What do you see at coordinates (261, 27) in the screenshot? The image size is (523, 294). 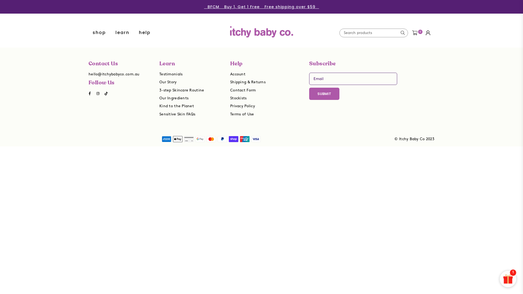 I see `'ITCHY BABY CO.'` at bounding box center [261, 27].